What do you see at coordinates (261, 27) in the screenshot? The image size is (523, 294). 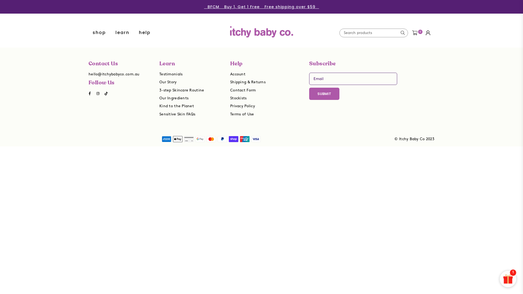 I see `'ITCHY BABY CO.'` at bounding box center [261, 27].